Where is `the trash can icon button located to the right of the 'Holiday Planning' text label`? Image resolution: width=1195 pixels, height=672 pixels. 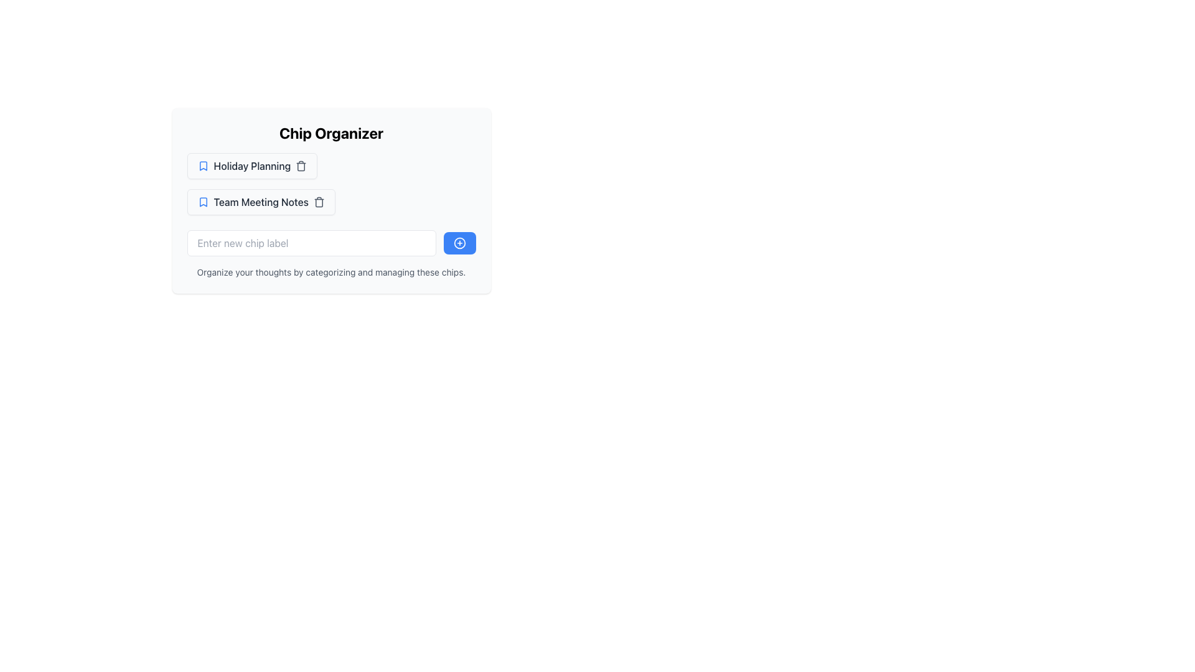
the trash can icon button located to the right of the 'Holiday Planning' text label is located at coordinates (301, 165).